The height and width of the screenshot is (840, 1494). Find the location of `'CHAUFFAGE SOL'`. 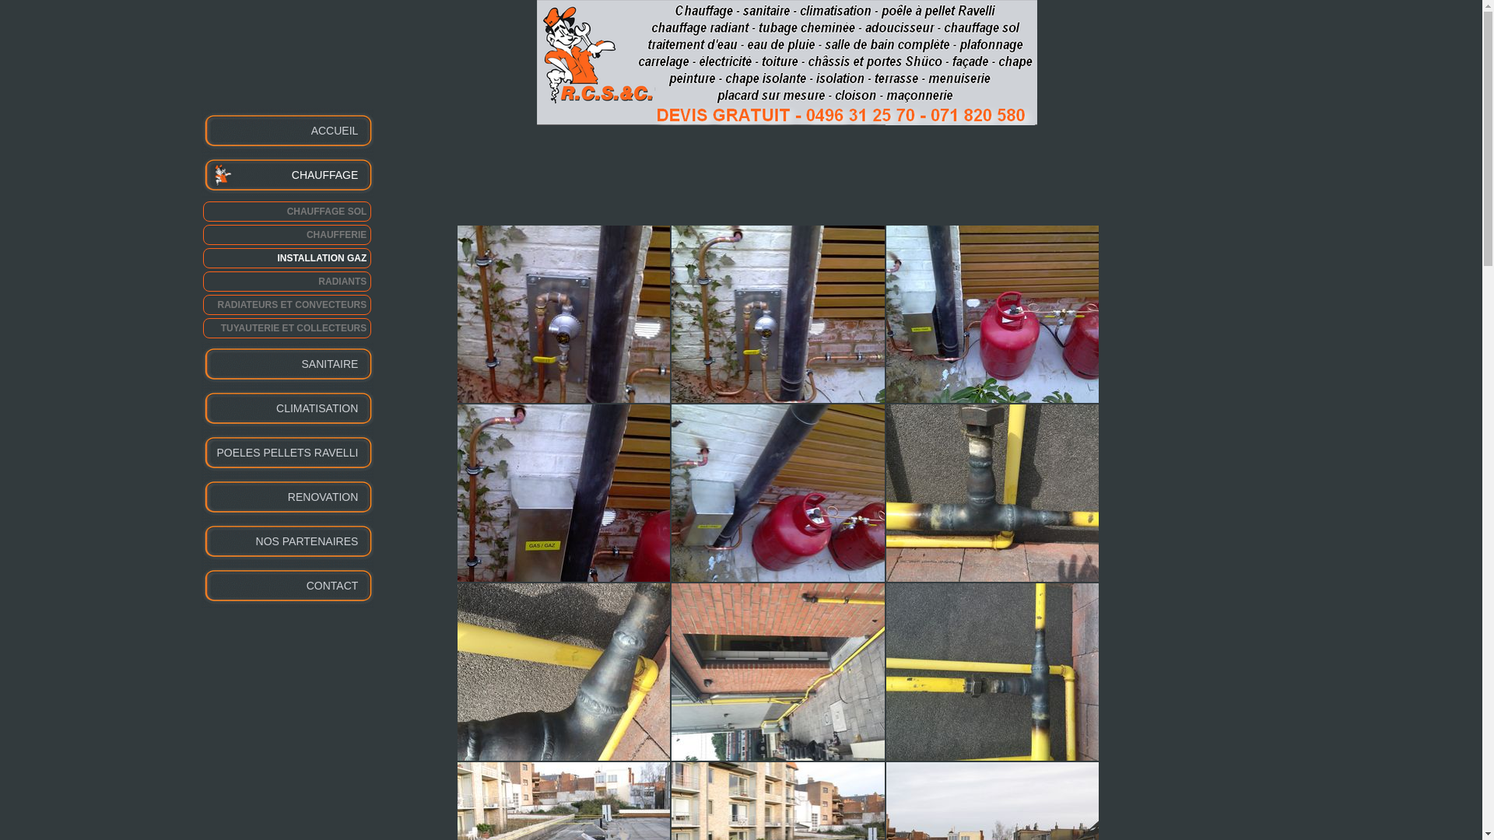

'CHAUFFAGE SOL' is located at coordinates (286, 212).